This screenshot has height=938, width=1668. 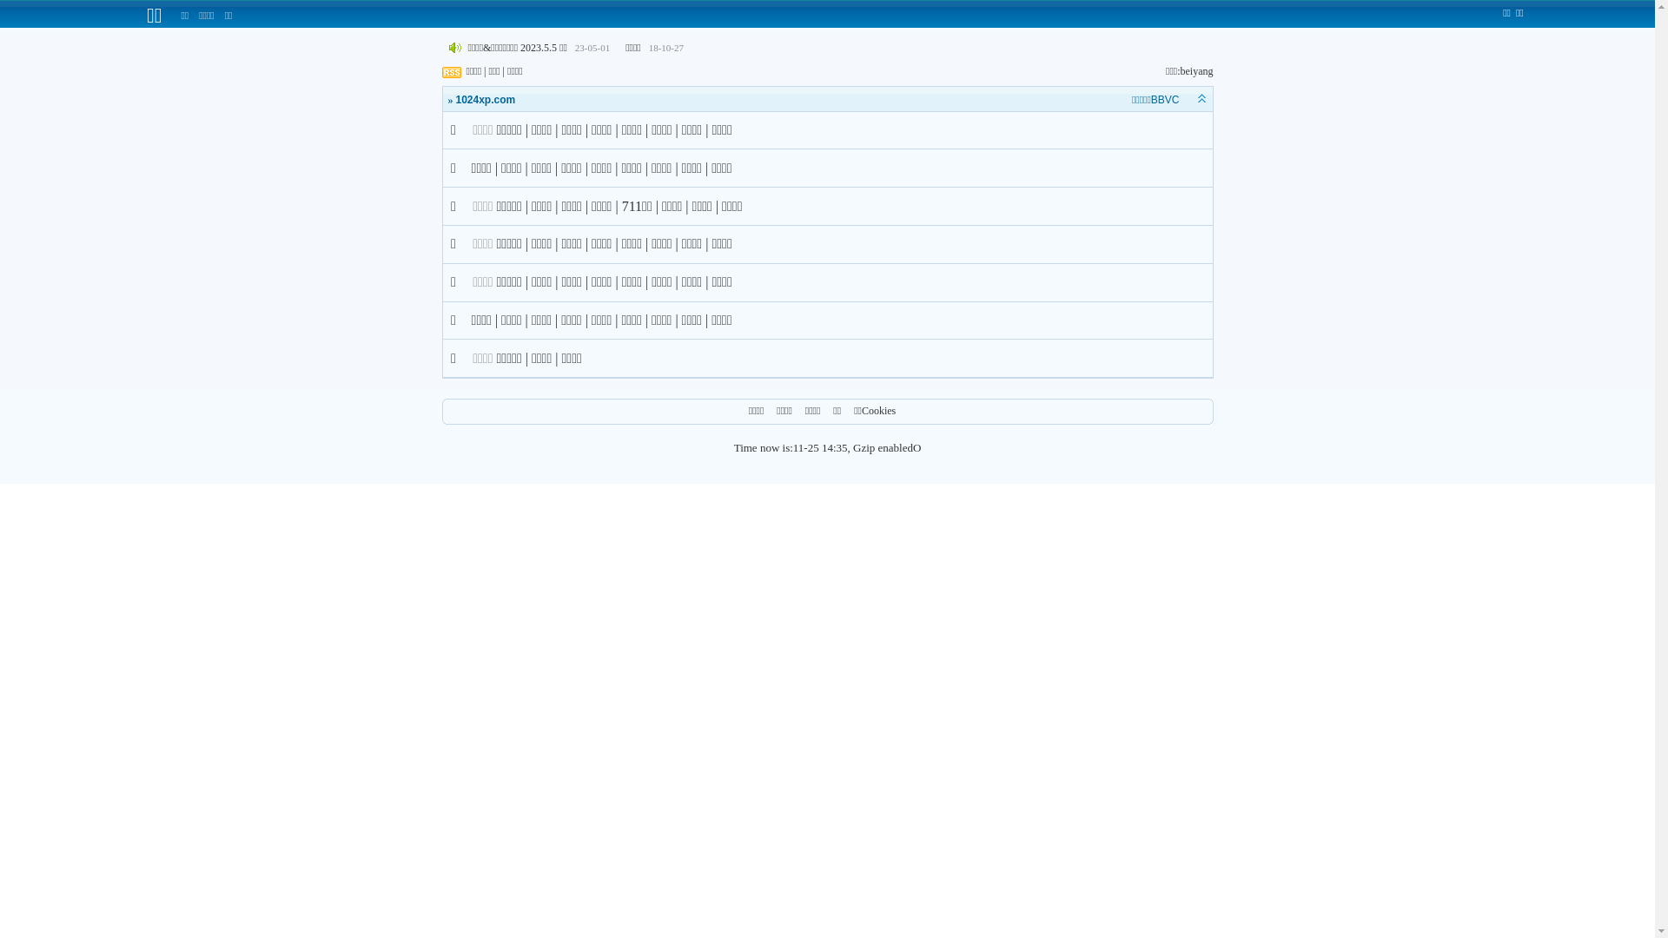 What do you see at coordinates (1165, 100) in the screenshot?
I see `'BBVC'` at bounding box center [1165, 100].